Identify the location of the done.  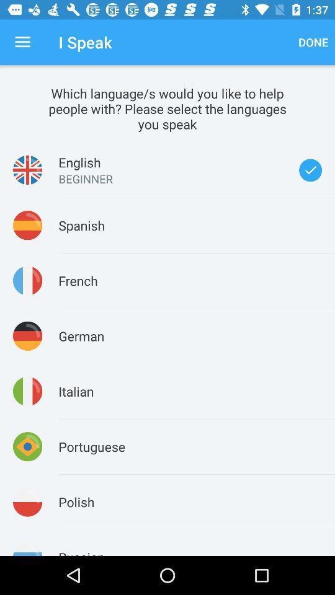
(313, 42).